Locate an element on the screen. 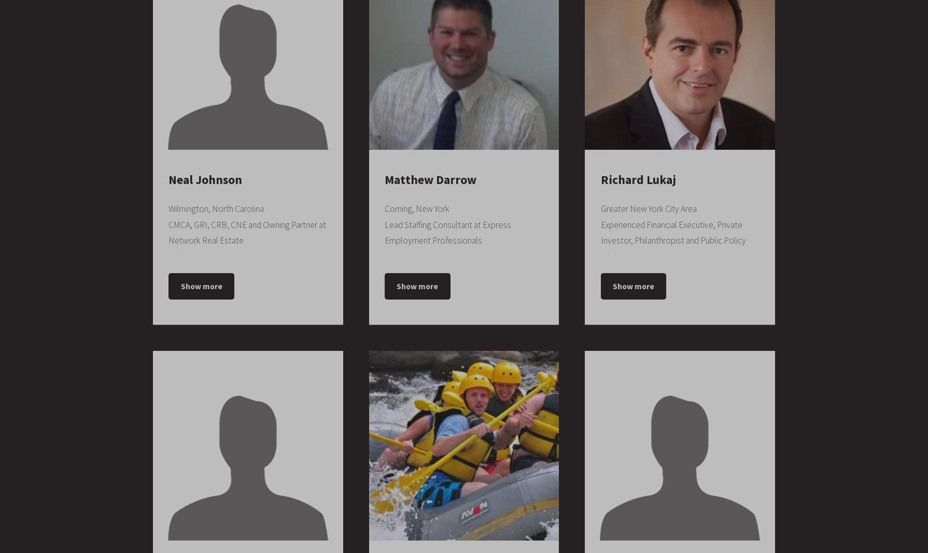 Image resolution: width=928 pixels, height=553 pixels. 'Spencerport' is located at coordinates (409, 507).